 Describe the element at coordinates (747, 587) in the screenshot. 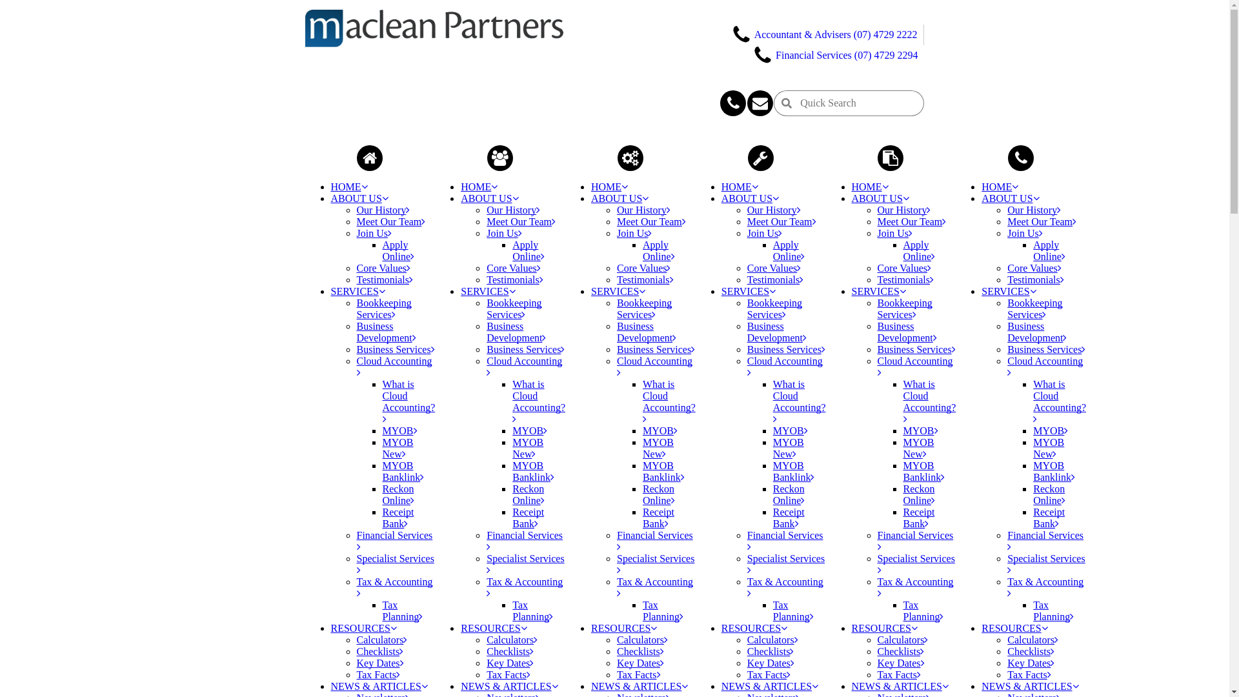

I see `'Tax & Accounting'` at that location.